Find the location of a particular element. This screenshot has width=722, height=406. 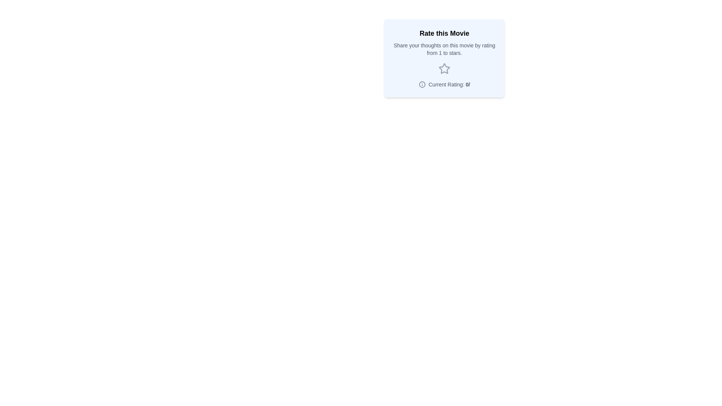

the numeric portion of the rating component which displays the current rating value, located at the right end of the 'Current Rating: 0/' text label in the lower section of the card interface is located at coordinates (467, 84).